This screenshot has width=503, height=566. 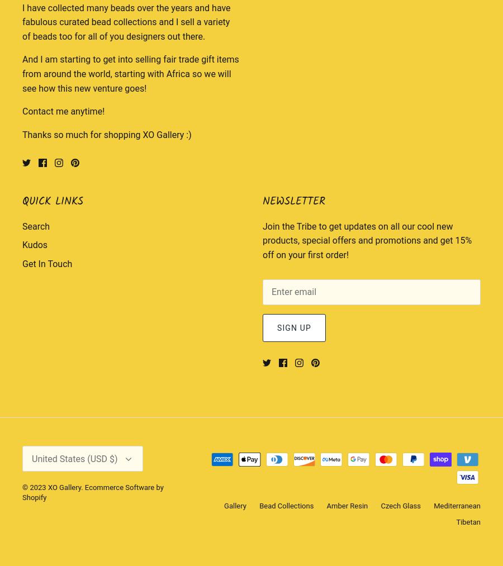 I want to click on 'Greece', so click(x=359, y=60).